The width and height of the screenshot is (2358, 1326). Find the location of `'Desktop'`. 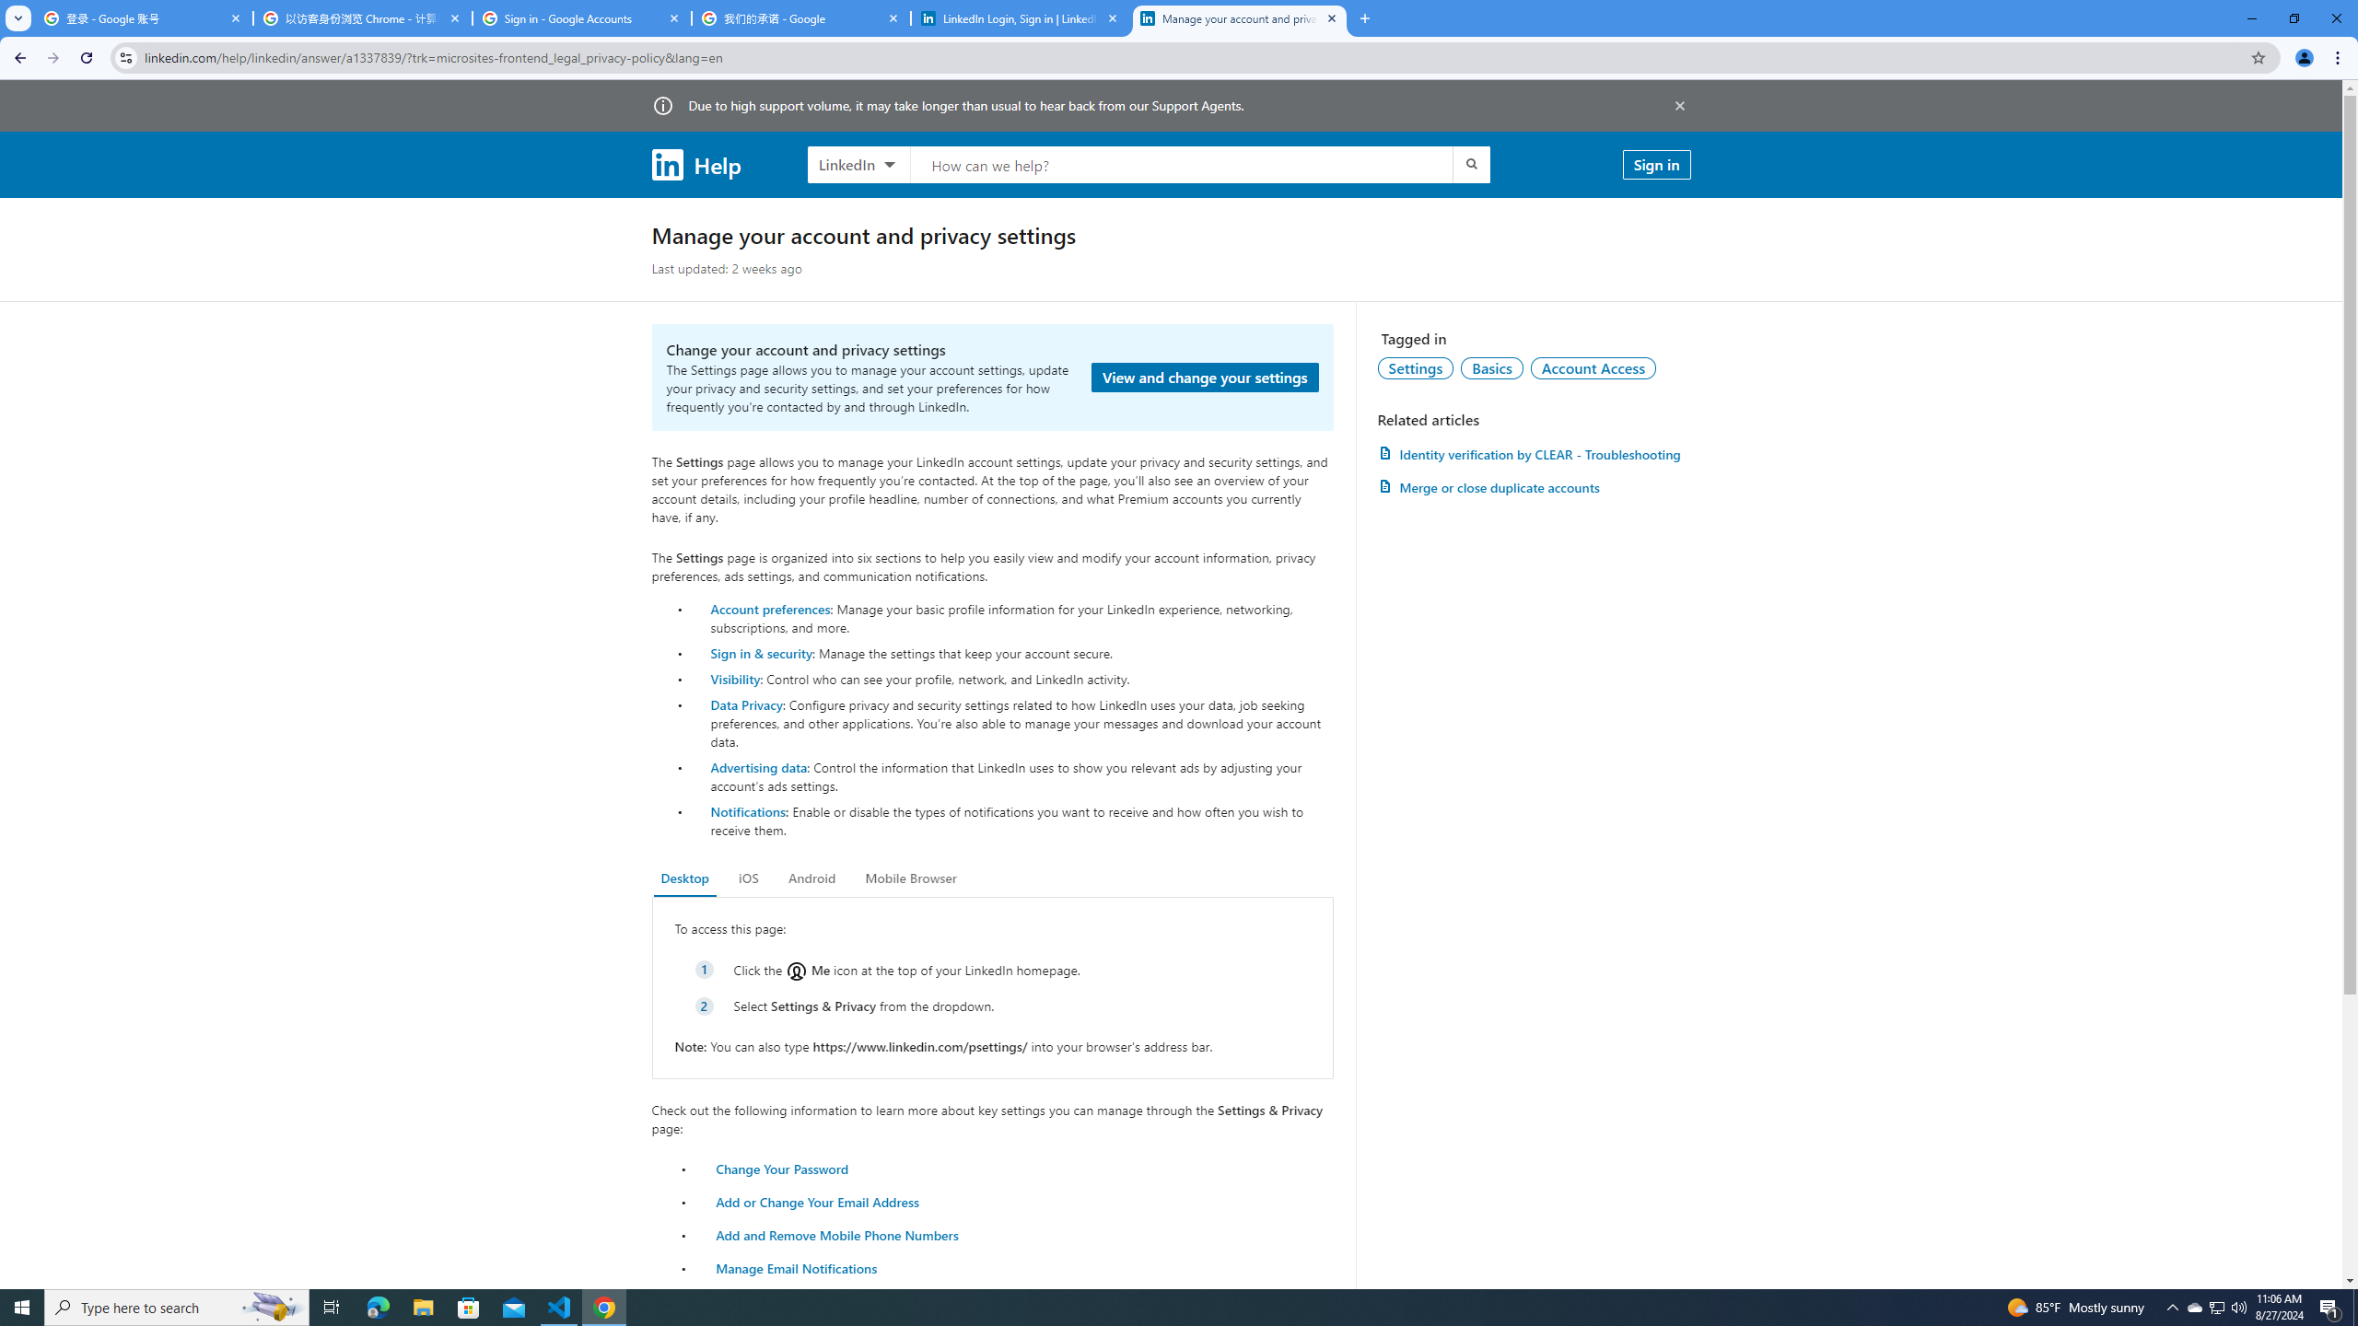

'Desktop' is located at coordinates (683, 878).